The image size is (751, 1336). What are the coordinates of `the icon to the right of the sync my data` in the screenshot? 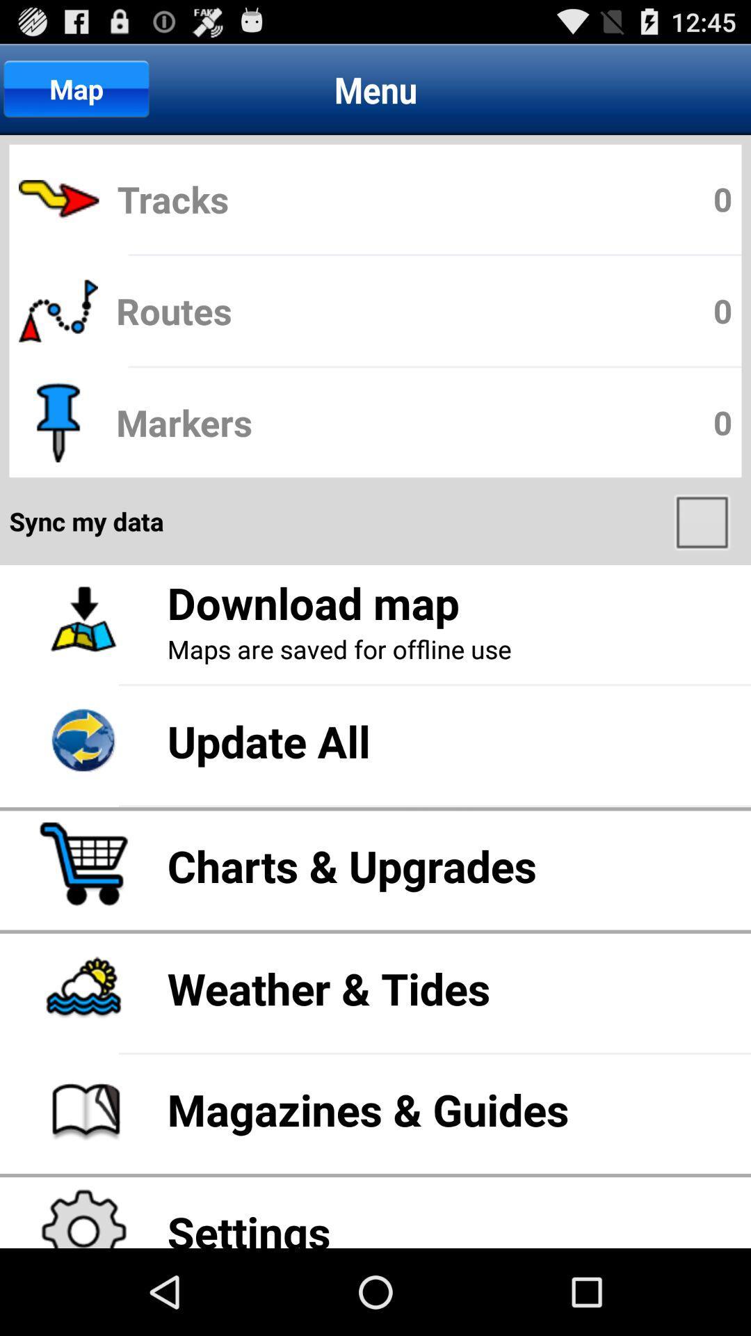 It's located at (704, 520).